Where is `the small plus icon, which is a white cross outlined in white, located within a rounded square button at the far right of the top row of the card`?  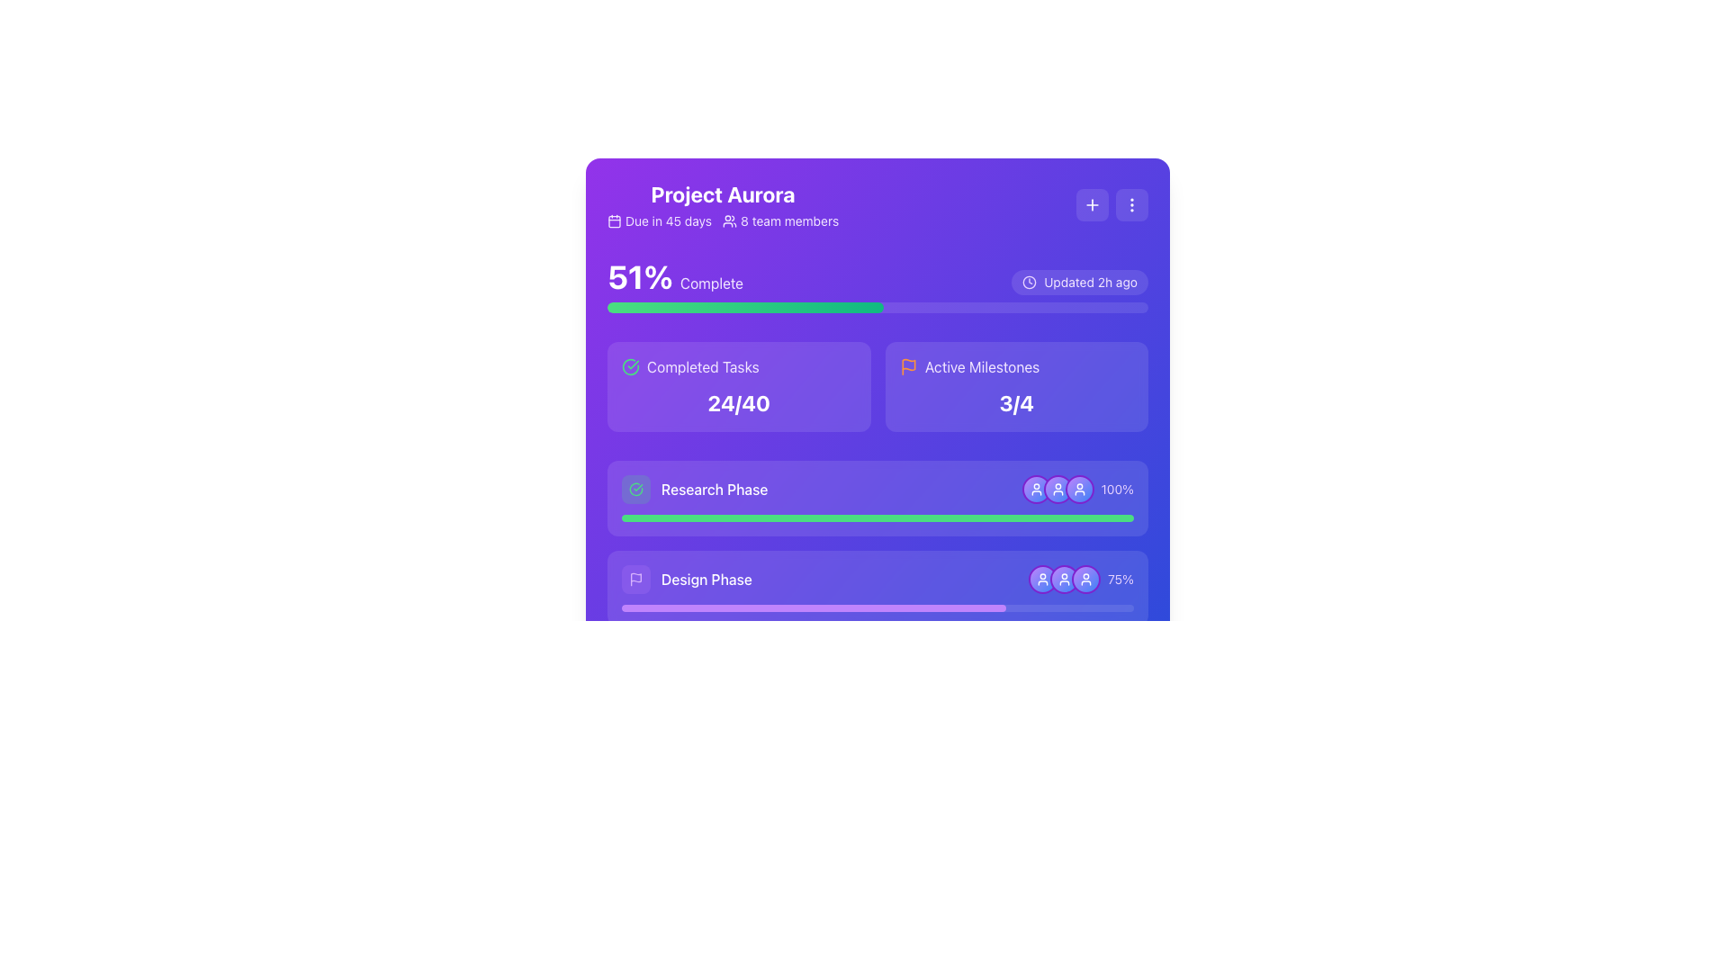
the small plus icon, which is a white cross outlined in white, located within a rounded square button at the far right of the top row of the card is located at coordinates (1092, 203).